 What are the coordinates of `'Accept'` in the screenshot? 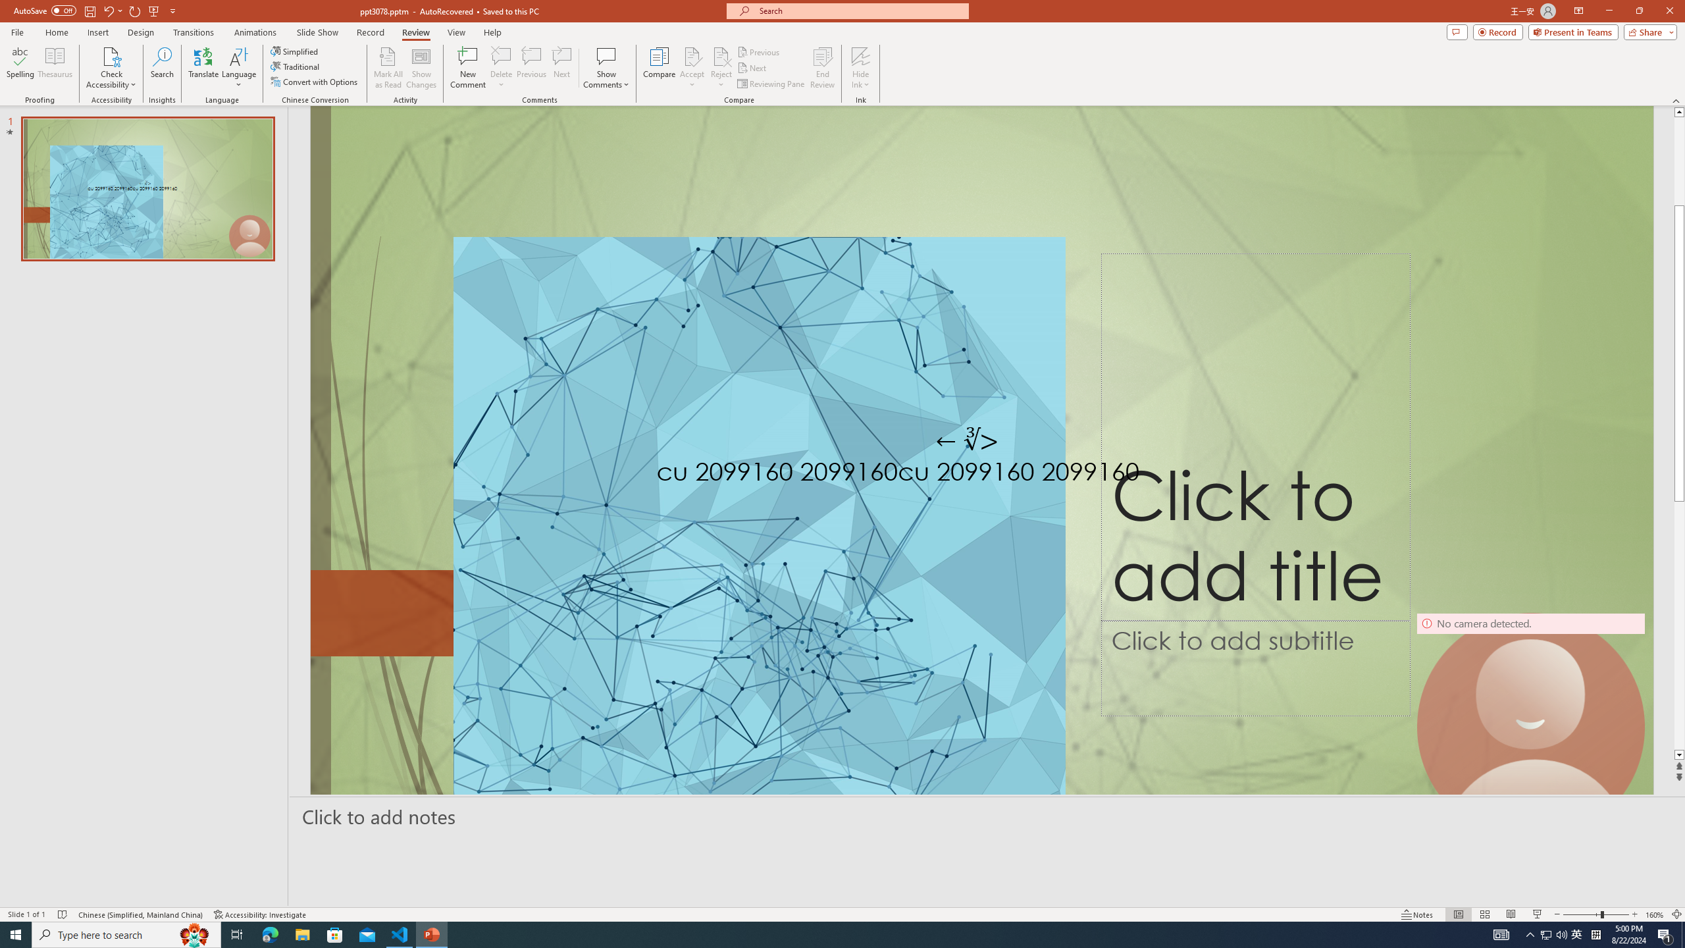 It's located at (692, 68).